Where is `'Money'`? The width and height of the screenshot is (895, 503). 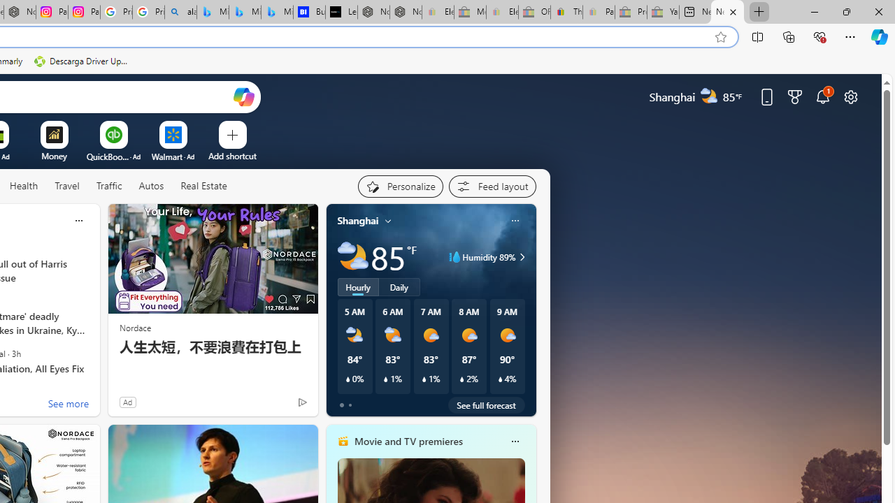
'Money' is located at coordinates (54, 156).